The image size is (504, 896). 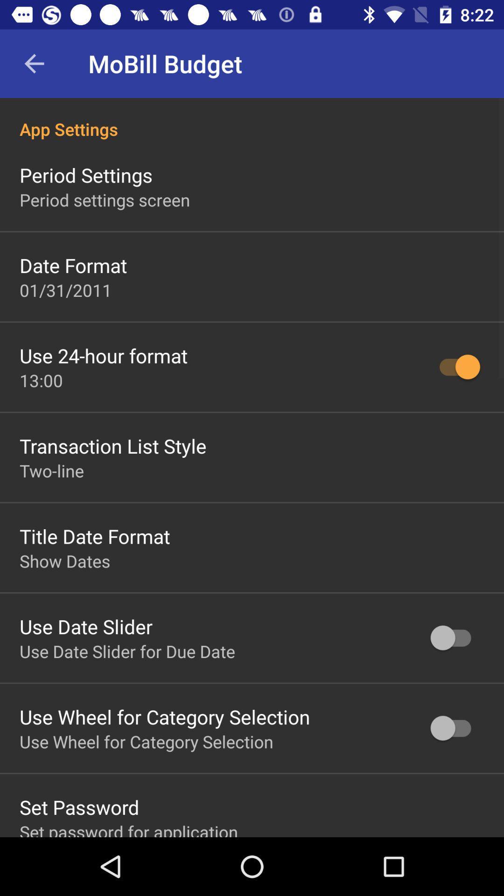 What do you see at coordinates (65, 289) in the screenshot?
I see `the 01/31/2011 icon` at bounding box center [65, 289].